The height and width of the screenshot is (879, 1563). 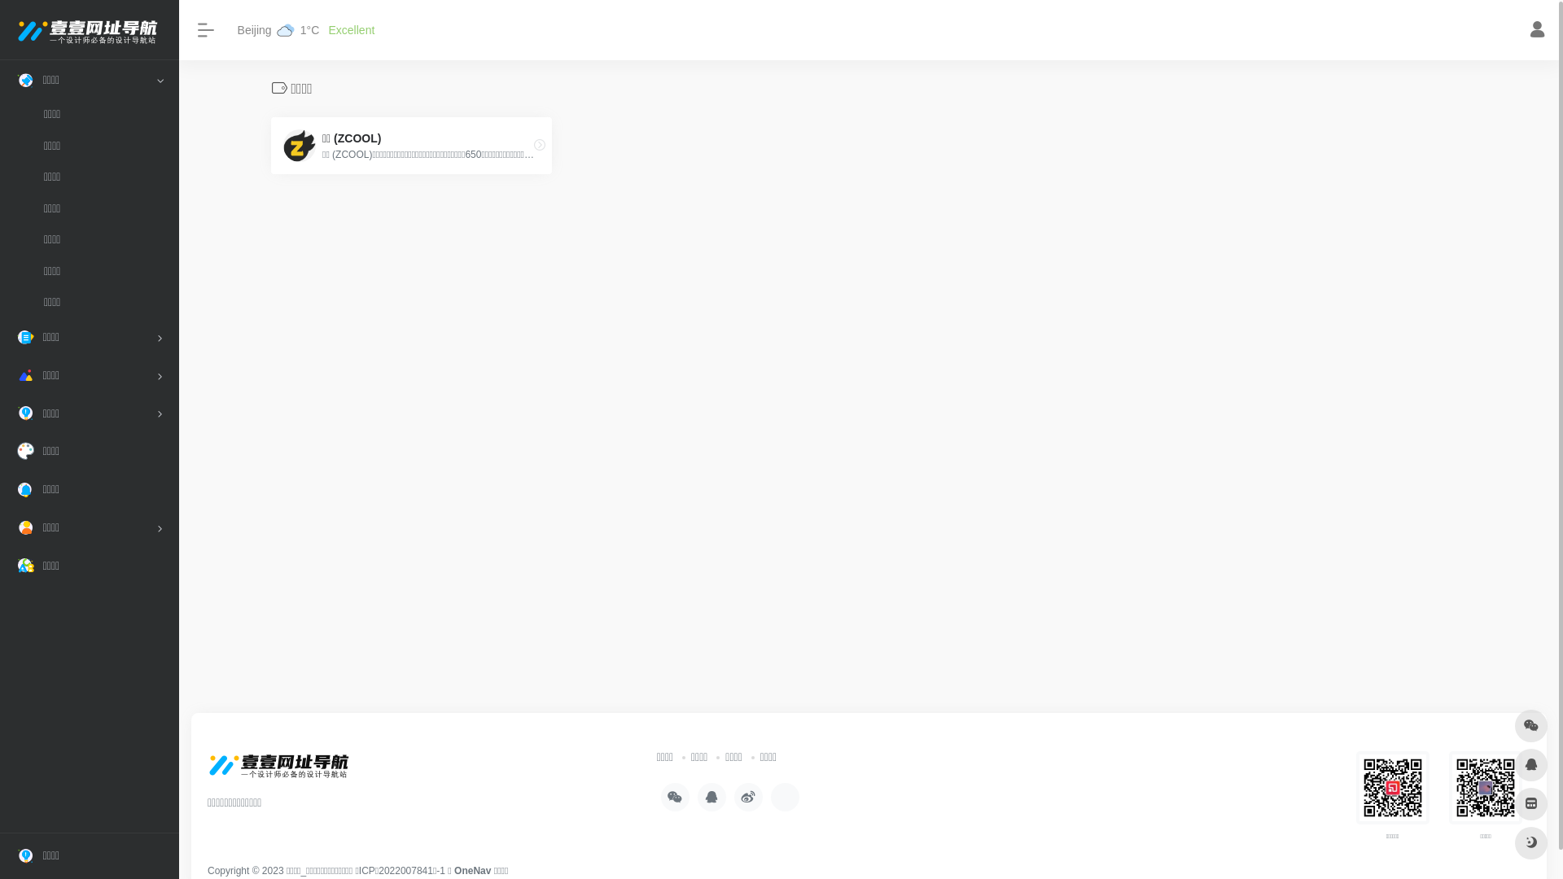 I want to click on 'OneNav', so click(x=452, y=869).